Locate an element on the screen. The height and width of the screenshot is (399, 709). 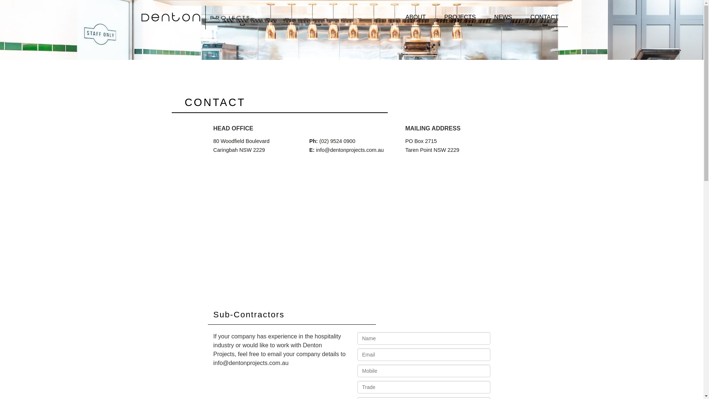
'NEWS' is located at coordinates (503, 17).